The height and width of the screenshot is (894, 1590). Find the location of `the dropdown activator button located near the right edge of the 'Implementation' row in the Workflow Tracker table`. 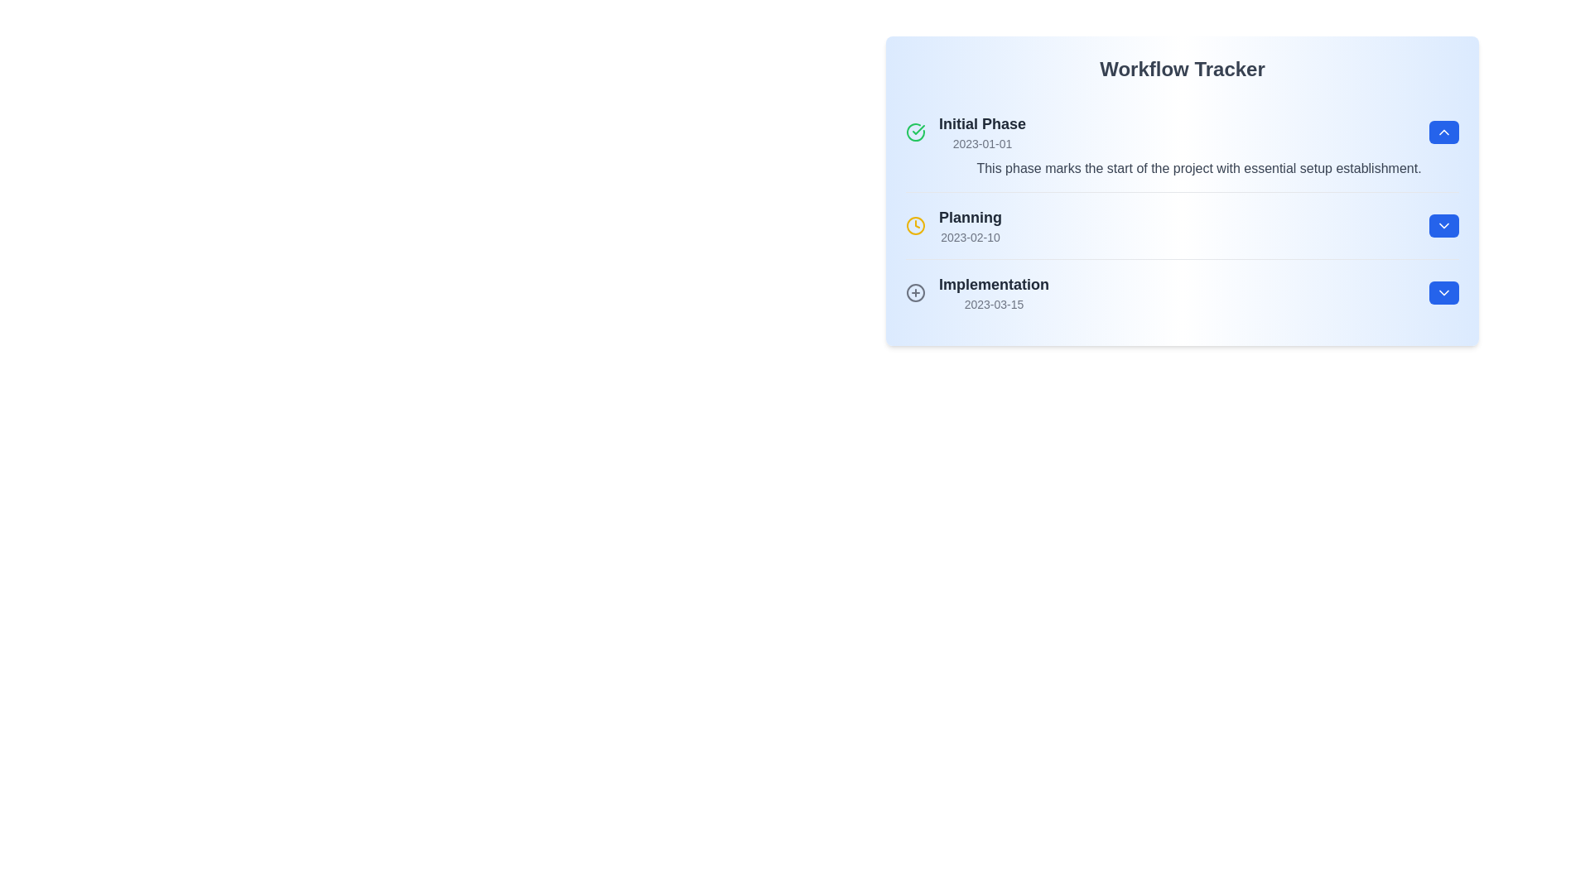

the dropdown activator button located near the right edge of the 'Implementation' row in the Workflow Tracker table is located at coordinates (1443, 292).